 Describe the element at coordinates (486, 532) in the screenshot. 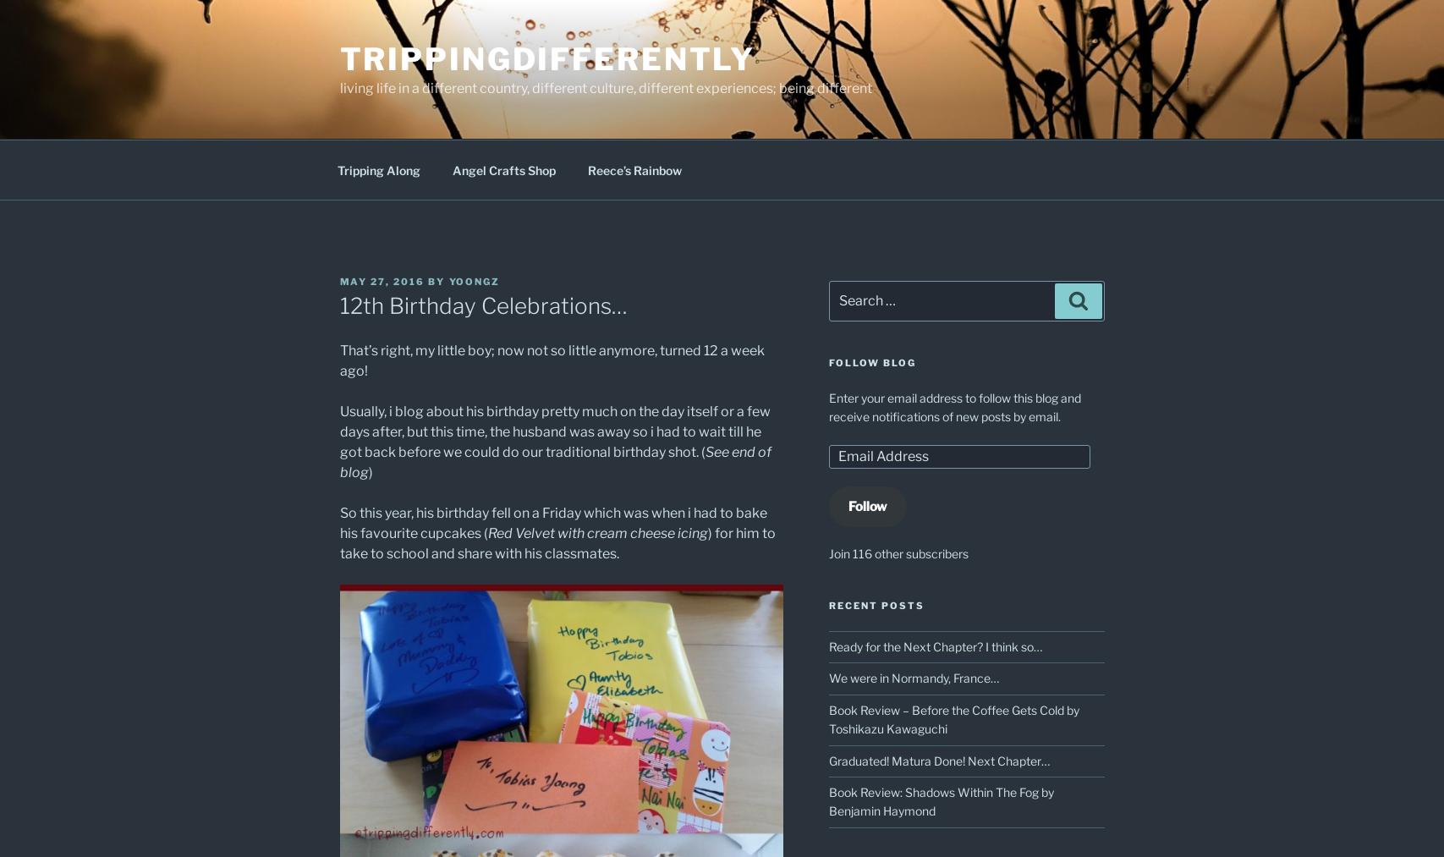

I see `'Red Velvet with cream cheese icing'` at that location.